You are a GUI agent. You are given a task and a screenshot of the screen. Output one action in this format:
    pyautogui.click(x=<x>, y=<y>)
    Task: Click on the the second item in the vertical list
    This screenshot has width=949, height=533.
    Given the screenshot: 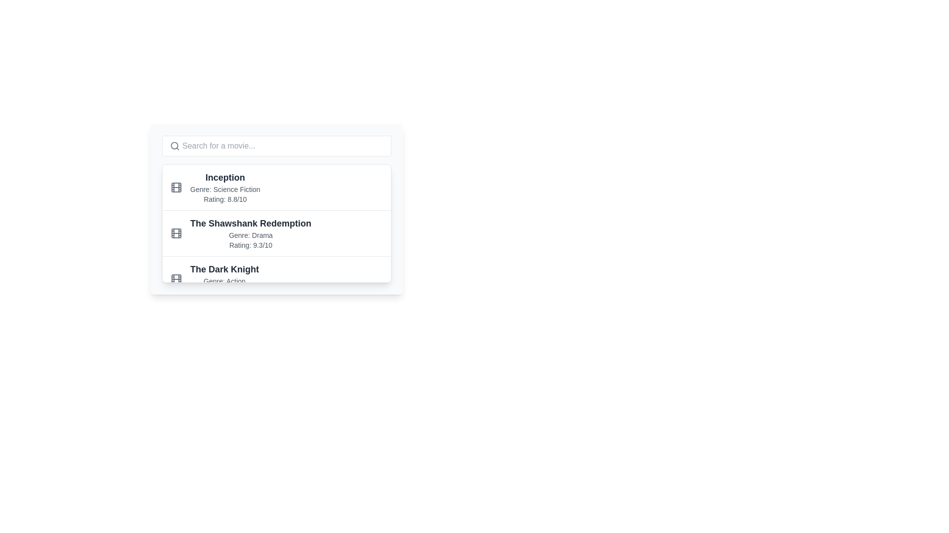 What is the action you would take?
    pyautogui.click(x=277, y=233)
    